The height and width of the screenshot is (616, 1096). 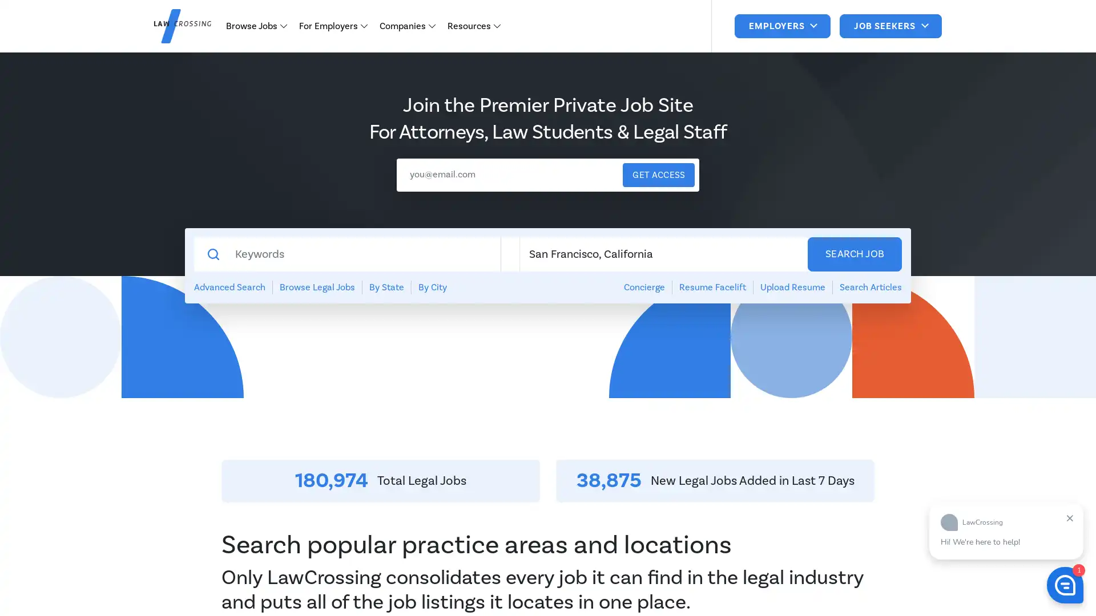 What do you see at coordinates (1069, 517) in the screenshot?
I see `Close Chat` at bounding box center [1069, 517].